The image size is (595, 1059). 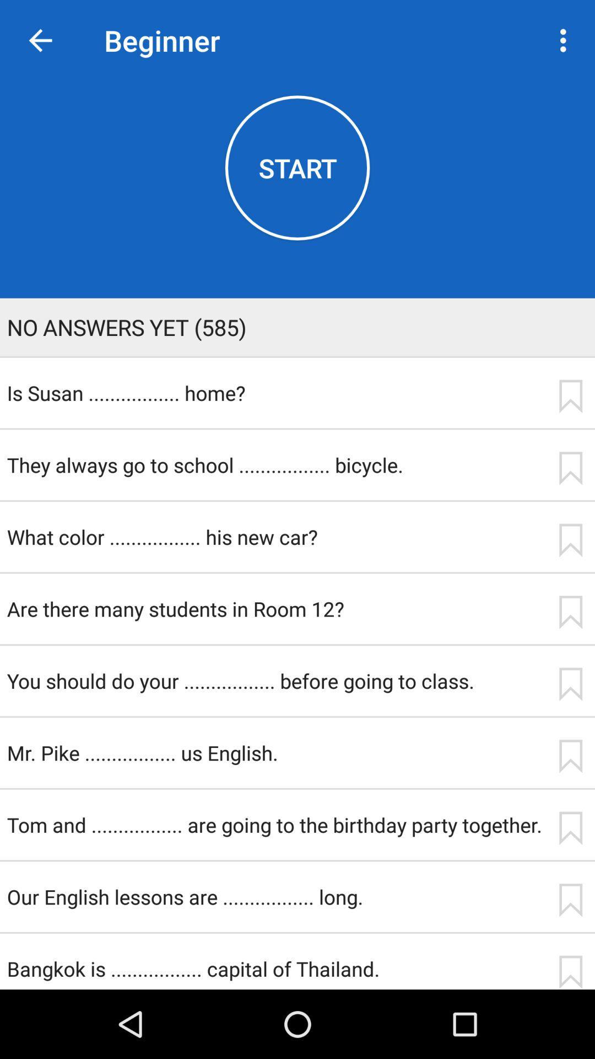 I want to click on bookmark, so click(x=570, y=683).